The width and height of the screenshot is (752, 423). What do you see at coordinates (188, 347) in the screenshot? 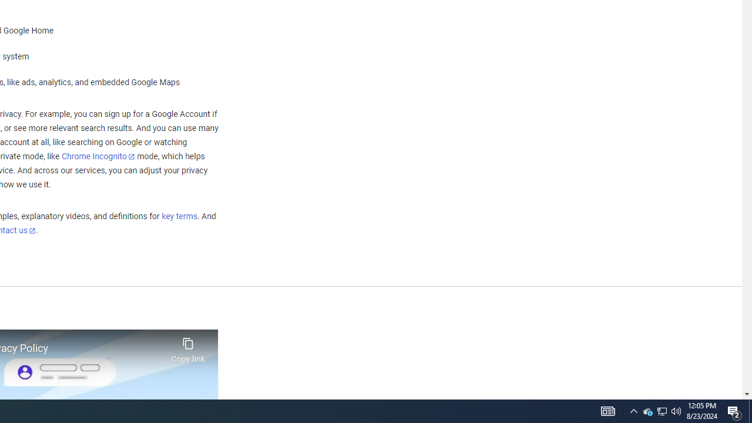
I see `'Copy link'` at bounding box center [188, 347].